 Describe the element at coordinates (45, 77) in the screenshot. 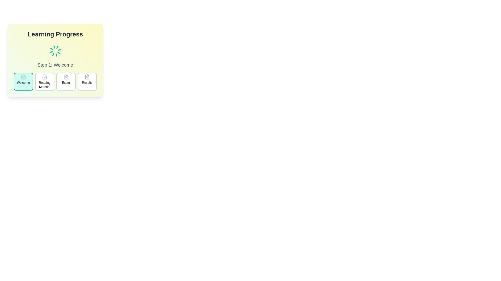

I see `the document icon, which is a gray rectangular shape with a folded corner and text lines, located above the 'Reading Material' label` at that location.